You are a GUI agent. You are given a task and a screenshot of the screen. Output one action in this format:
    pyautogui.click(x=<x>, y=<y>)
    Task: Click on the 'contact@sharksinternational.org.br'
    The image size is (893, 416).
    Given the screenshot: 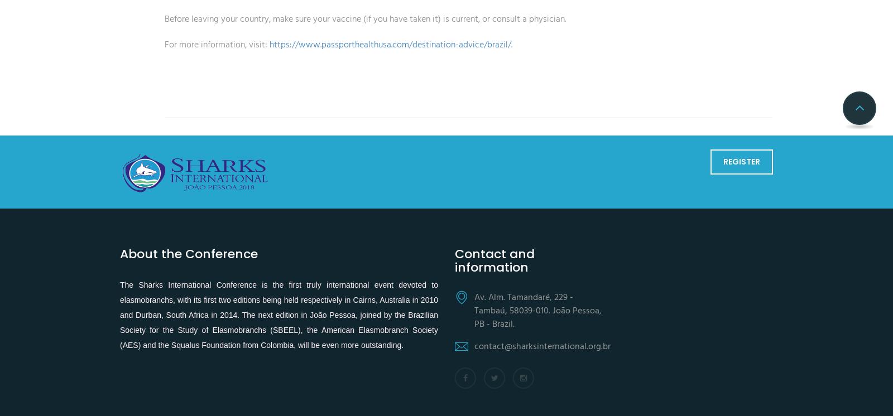 What is the action you would take?
    pyautogui.click(x=473, y=346)
    